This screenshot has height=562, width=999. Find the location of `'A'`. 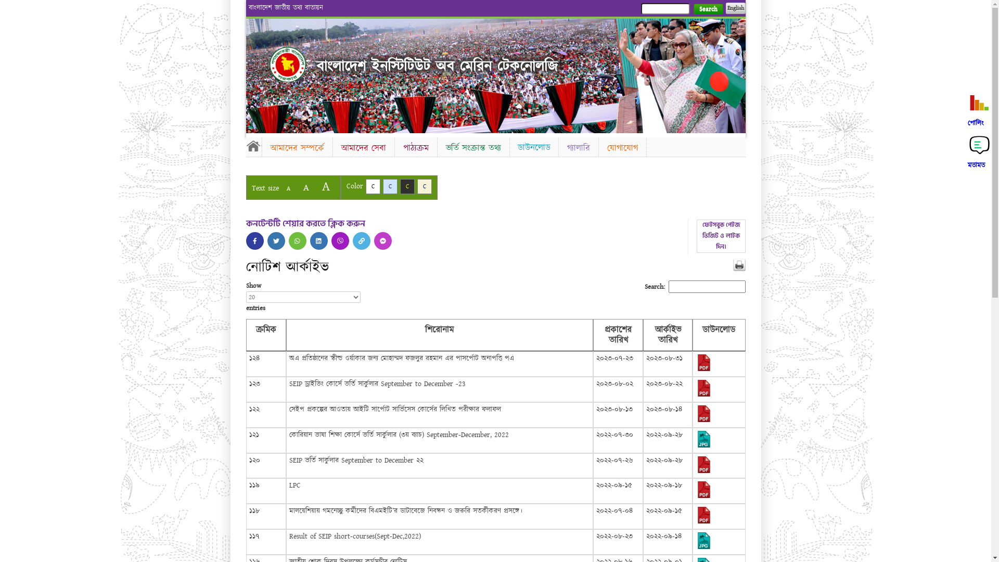

'A' is located at coordinates (305, 187).